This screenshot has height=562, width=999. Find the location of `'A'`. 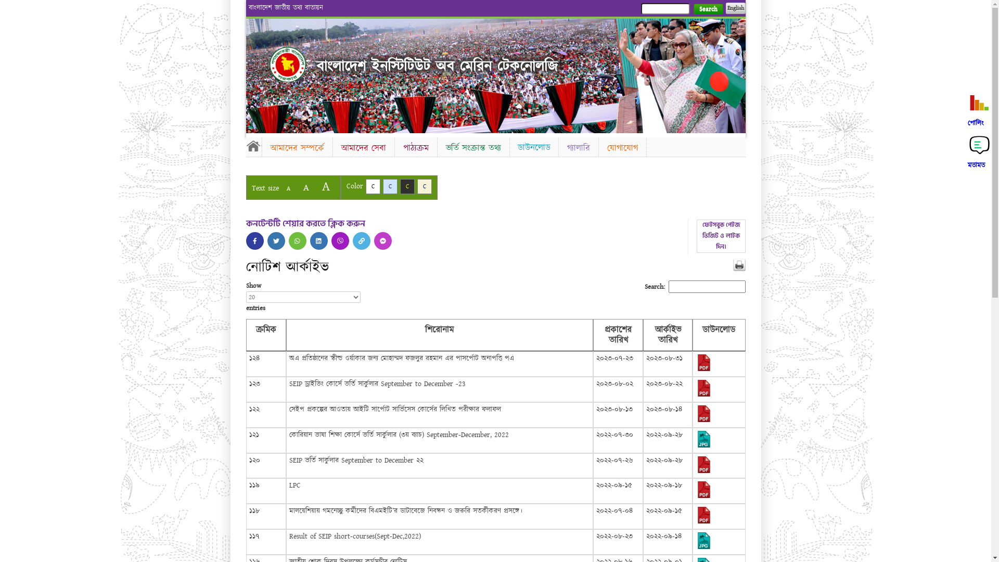

'A' is located at coordinates (305, 187).